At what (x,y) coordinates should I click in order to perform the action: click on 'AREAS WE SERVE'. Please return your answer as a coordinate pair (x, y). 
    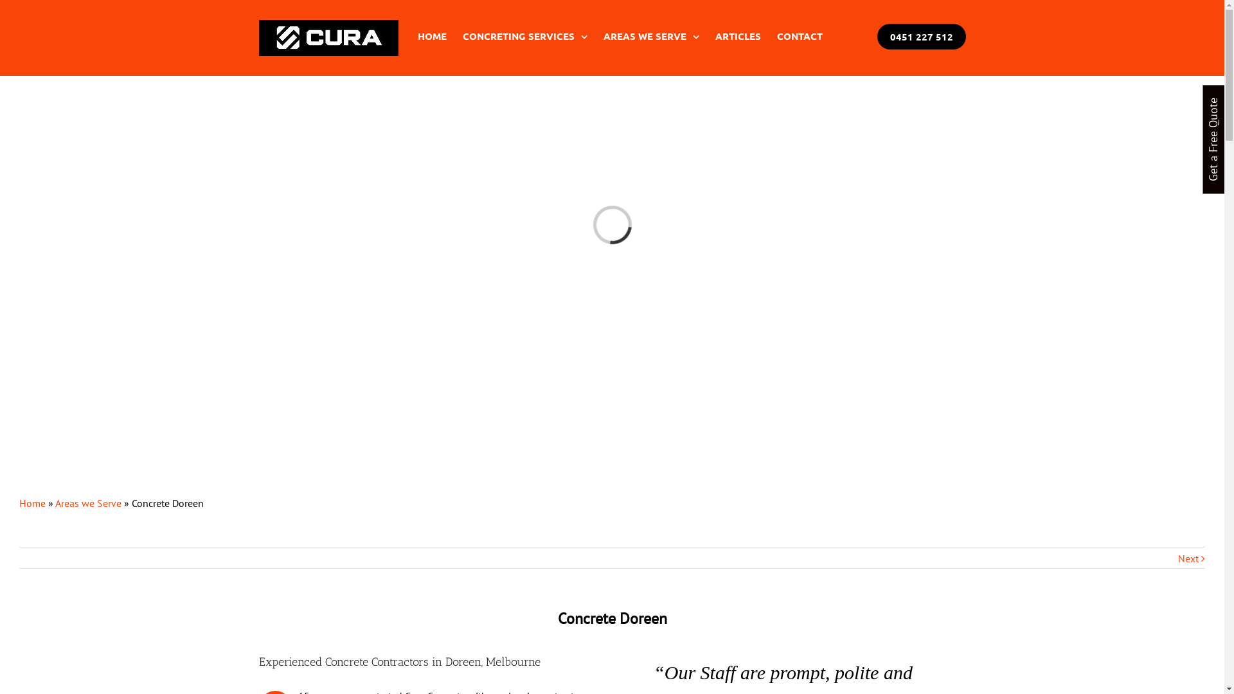
    Looking at the image, I should click on (602, 35).